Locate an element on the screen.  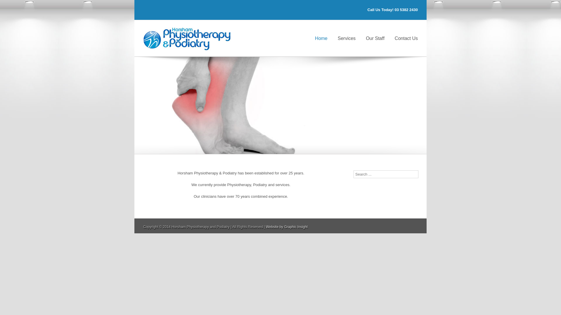
'Contact Us' is located at coordinates (394, 38).